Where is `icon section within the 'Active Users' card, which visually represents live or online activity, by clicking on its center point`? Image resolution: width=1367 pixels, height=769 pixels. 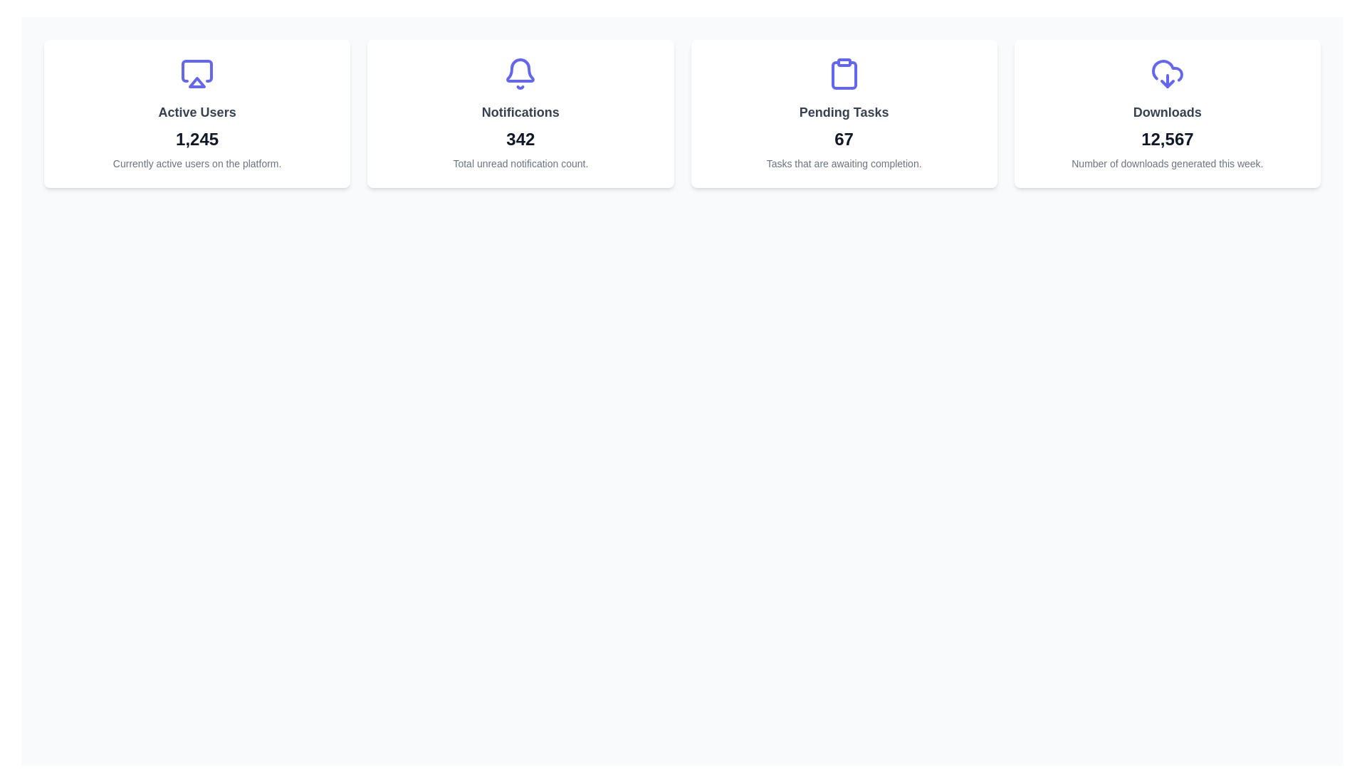 icon section within the 'Active Users' card, which visually represents live or online activity, by clicking on its center point is located at coordinates (197, 71).